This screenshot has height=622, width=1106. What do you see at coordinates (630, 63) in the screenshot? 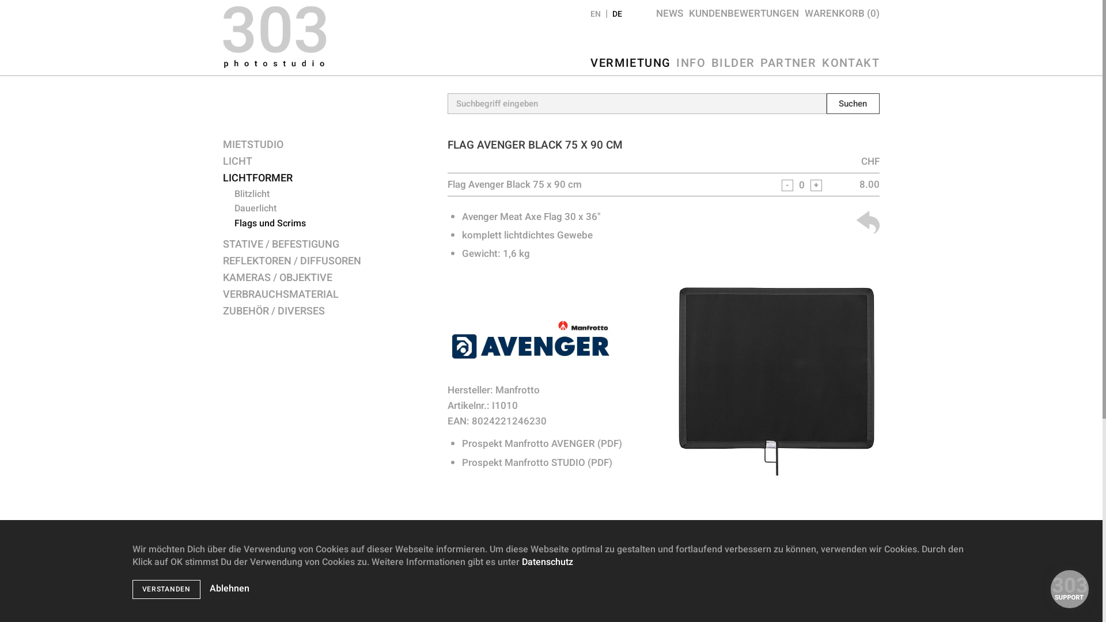
I see `'VERMIETUNG'` at bounding box center [630, 63].